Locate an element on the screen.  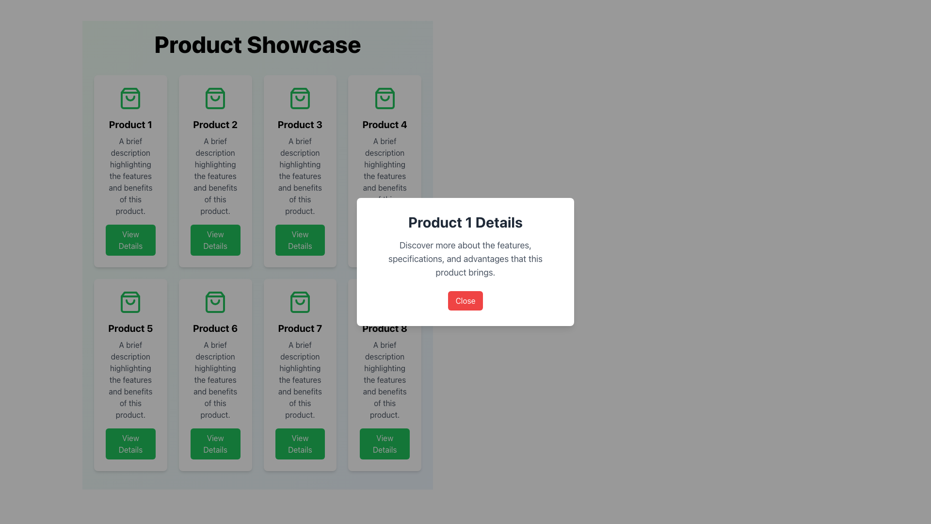
the green shopping bag icon located at the top center of the 'Product 4' card, which has rounded features and a clean outline is located at coordinates (384, 98).